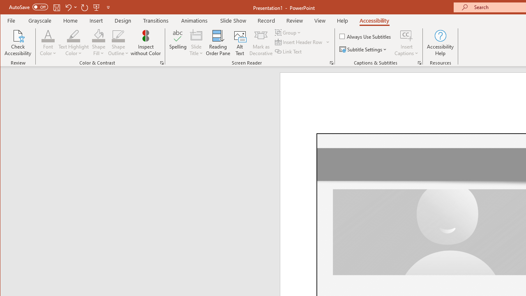 The height and width of the screenshot is (296, 526). Describe the element at coordinates (406, 35) in the screenshot. I see `'Insert Captions'` at that location.